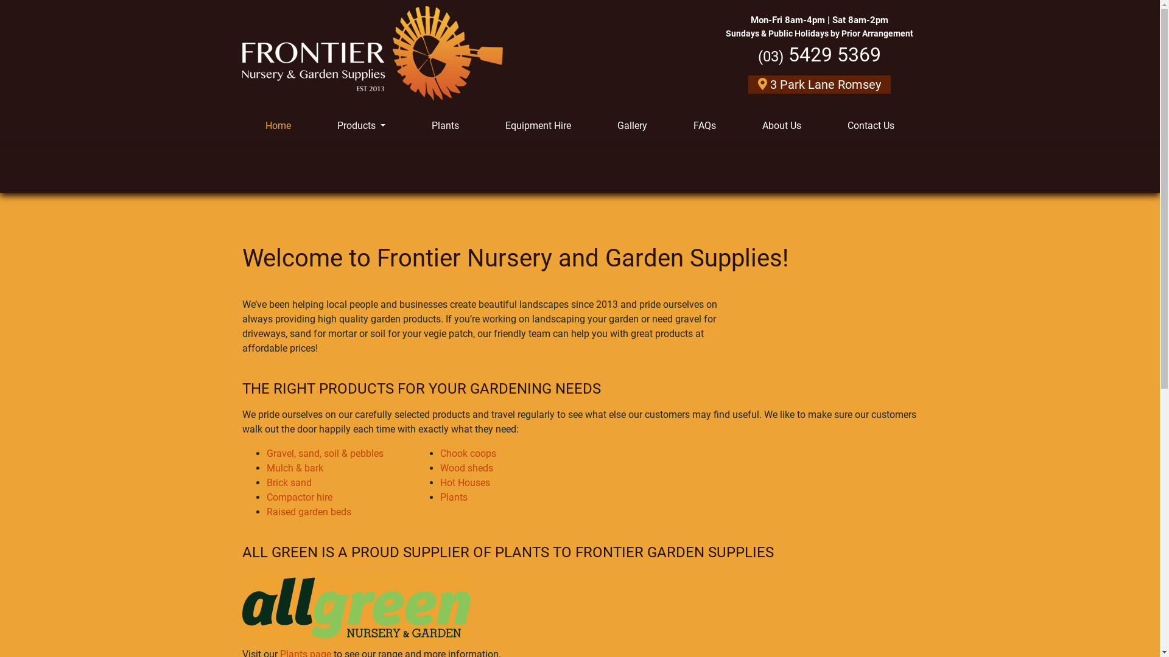 The height and width of the screenshot is (657, 1169). I want to click on 'Compactor hire', so click(265, 497).